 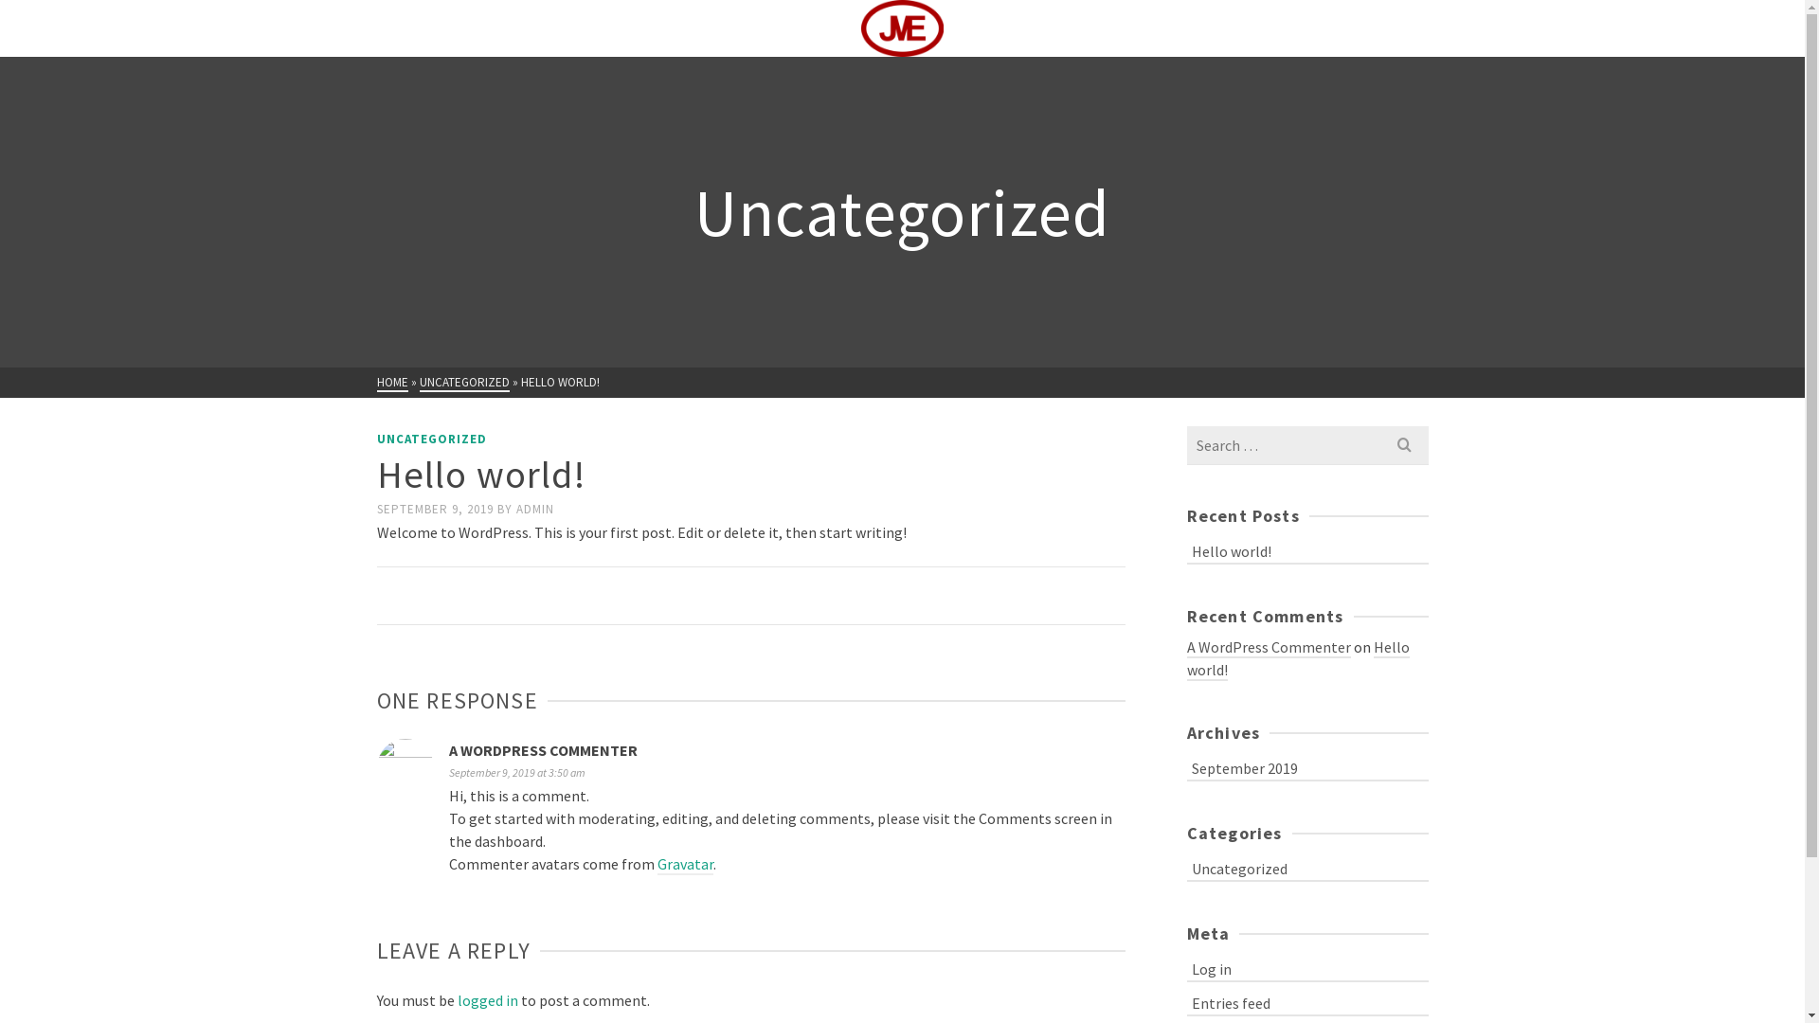 I want to click on 'September 2019', so click(x=1185, y=765).